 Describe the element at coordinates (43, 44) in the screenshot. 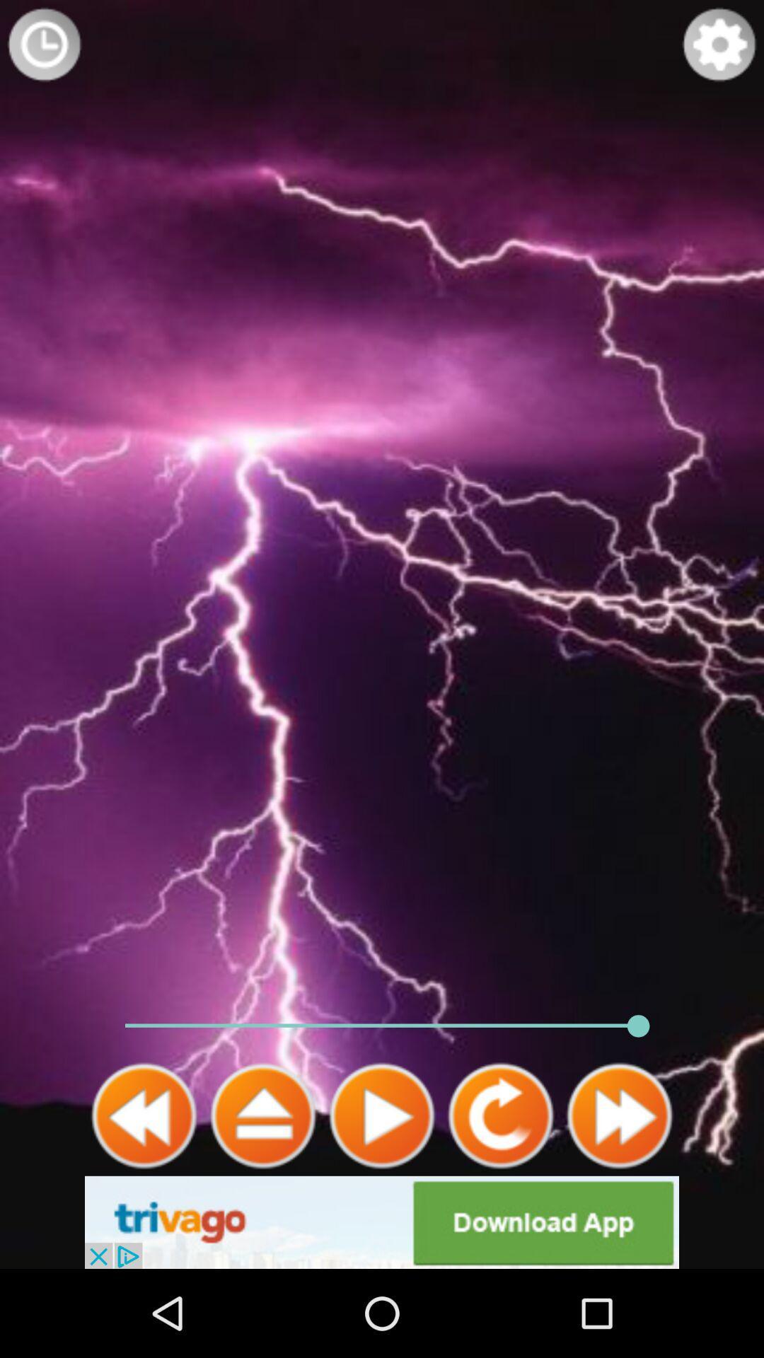

I see `set a timer` at that location.